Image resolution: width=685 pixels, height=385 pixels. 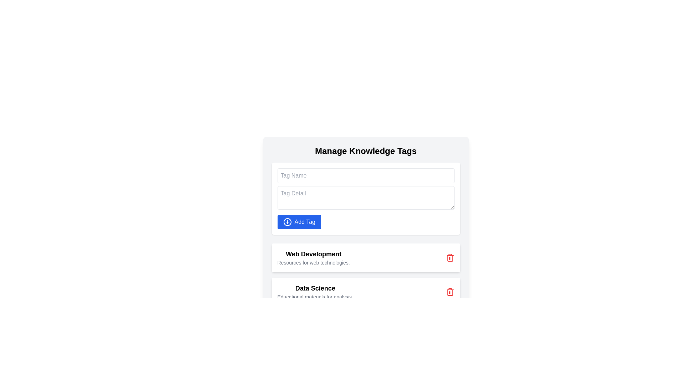 What do you see at coordinates (287, 222) in the screenshot?
I see `the outer circle of the icon located to the left of the text 'Add Tag' and above the tag list` at bounding box center [287, 222].